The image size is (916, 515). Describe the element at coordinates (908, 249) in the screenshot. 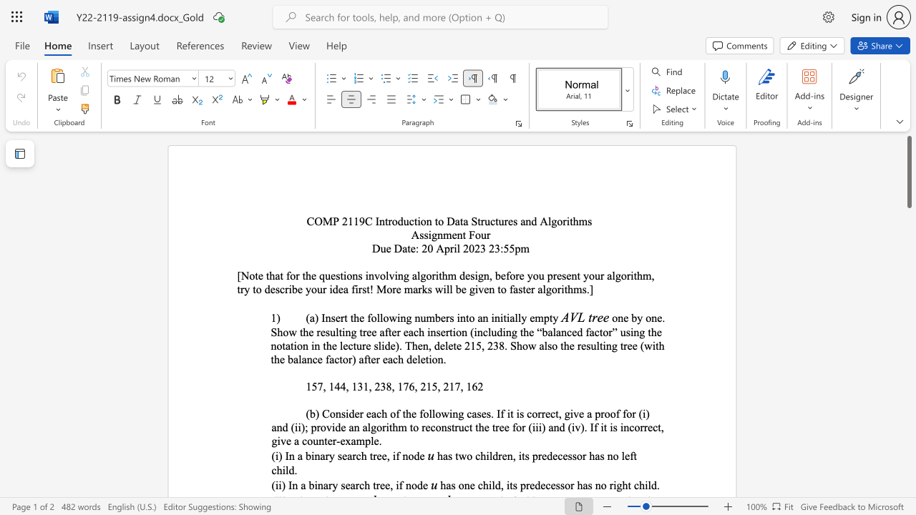

I see `the scrollbar on the side` at that location.